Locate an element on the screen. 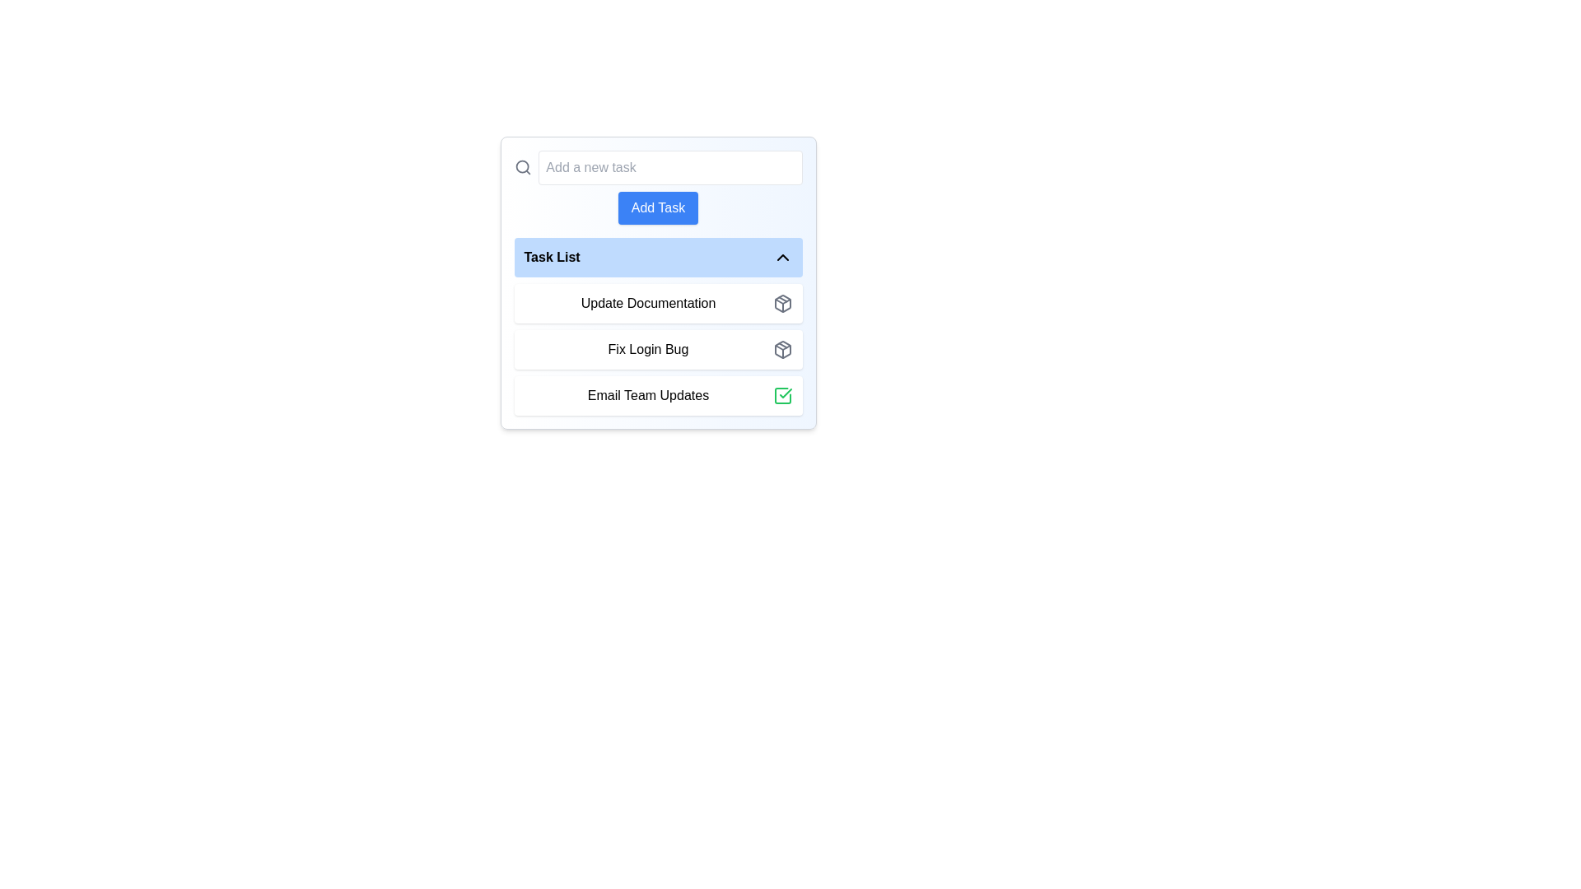 This screenshot has height=889, width=1581. the checkbox or status indicator for the task 'Email Team Updates' located at the far right end of its row is located at coordinates (781, 396).